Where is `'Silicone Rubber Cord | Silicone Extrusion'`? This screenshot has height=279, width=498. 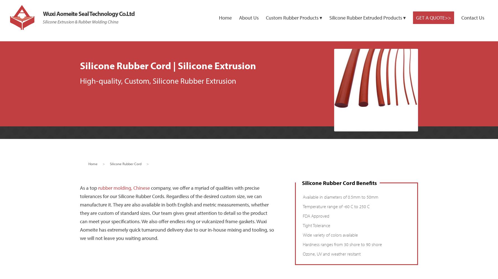
'Silicone Rubber Cord | Silicone Extrusion' is located at coordinates (167, 65).